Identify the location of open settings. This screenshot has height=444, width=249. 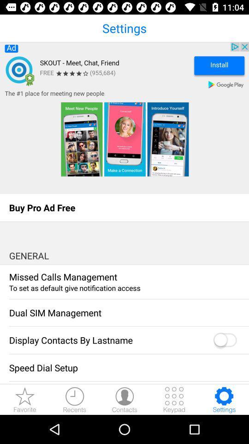
(224, 399).